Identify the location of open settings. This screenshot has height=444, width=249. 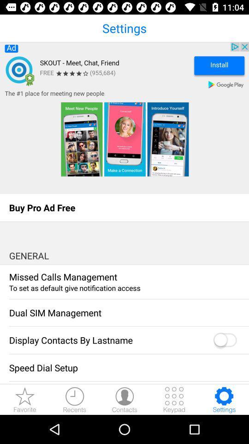
(224, 399).